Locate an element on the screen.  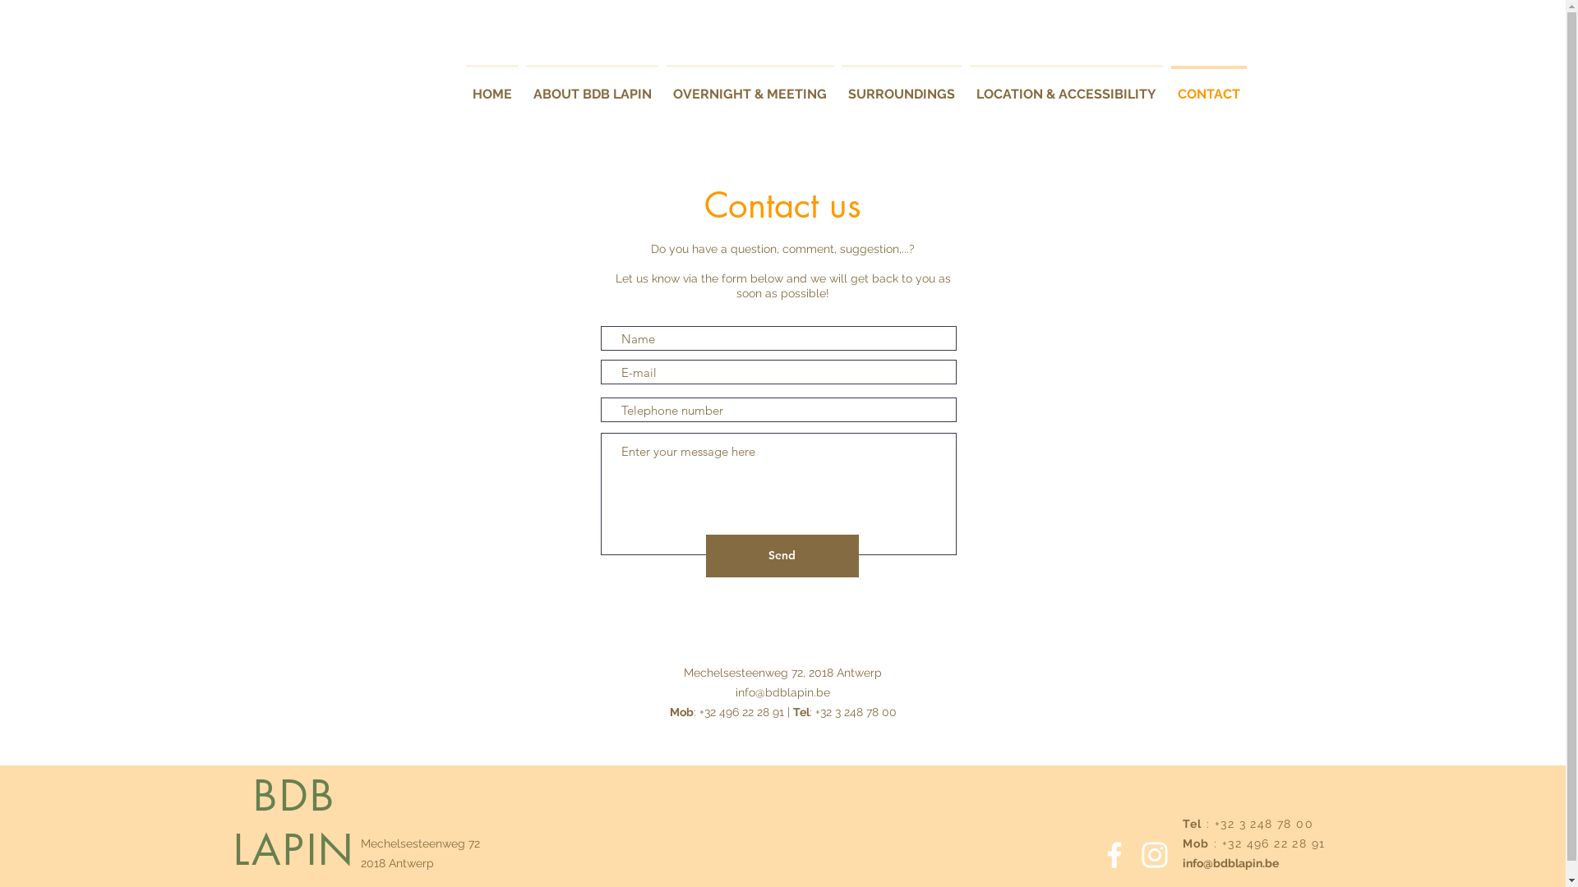
'OVERNIGHT & MEETING' is located at coordinates (749, 86).